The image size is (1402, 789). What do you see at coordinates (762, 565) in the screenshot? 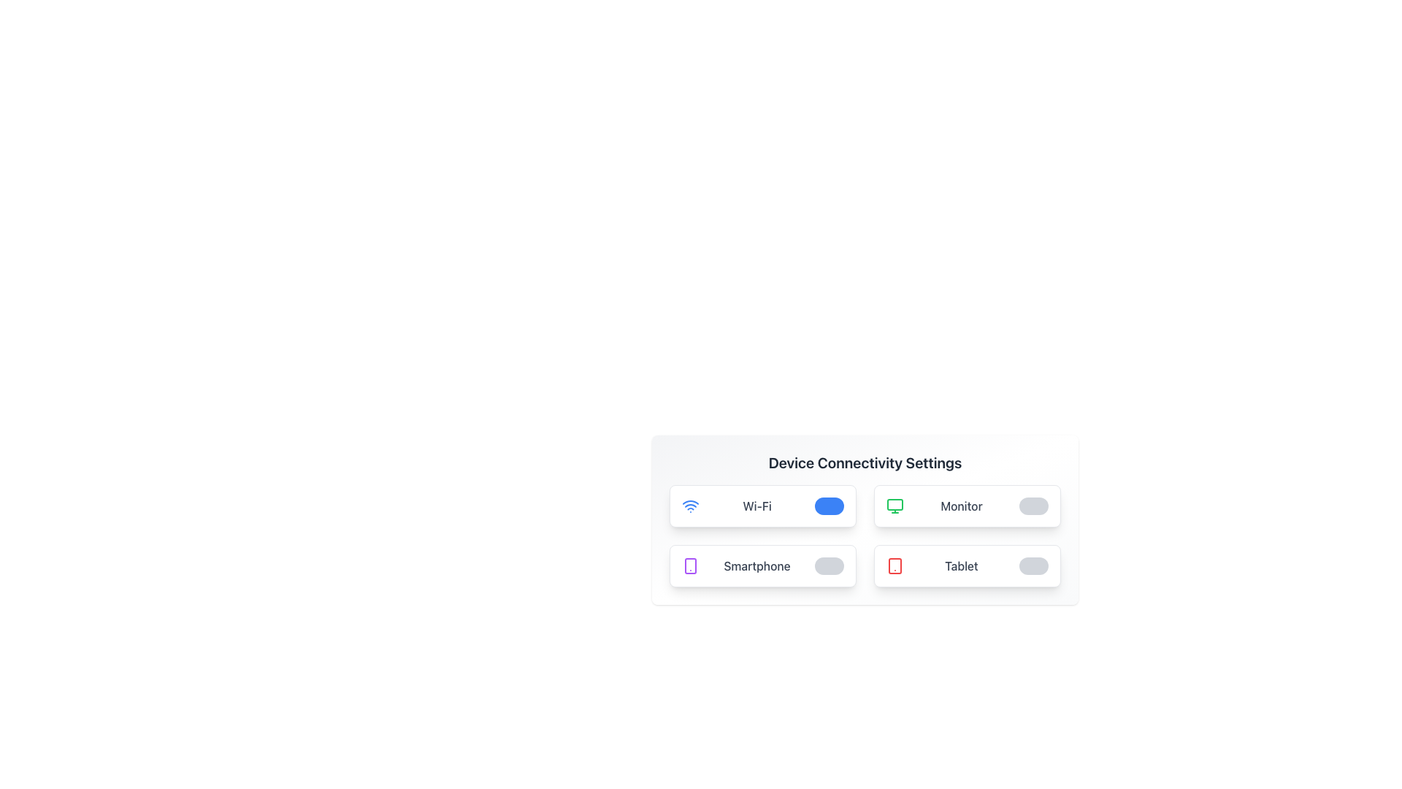
I see `the 'Smartphone' connectivity setting option` at bounding box center [762, 565].